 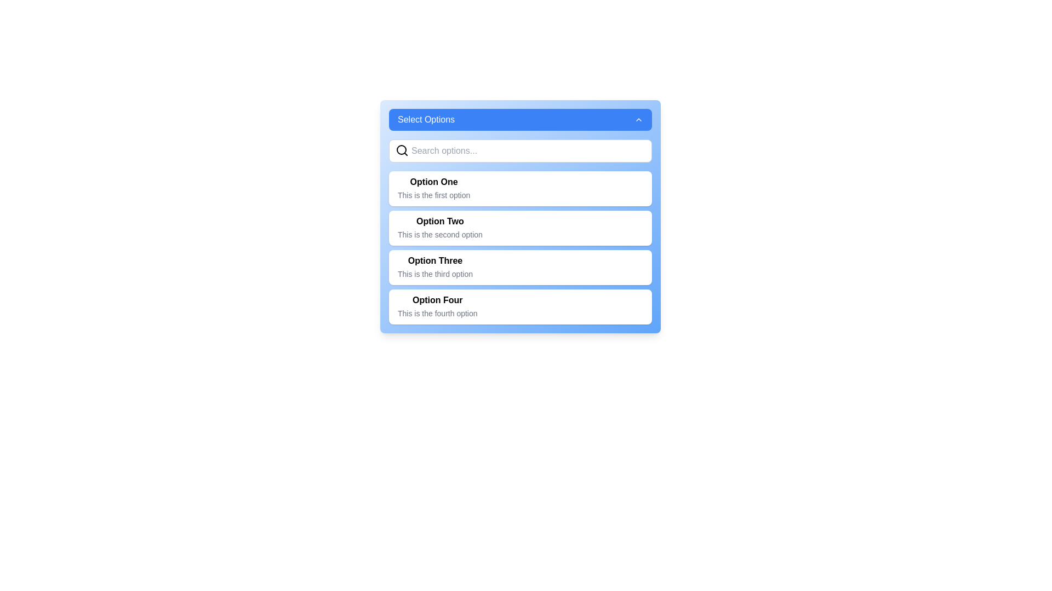 What do you see at coordinates (437, 306) in the screenshot?
I see `the text block containing the bold title 'Option Four' and the descriptive text 'This is the fourth option'` at bounding box center [437, 306].